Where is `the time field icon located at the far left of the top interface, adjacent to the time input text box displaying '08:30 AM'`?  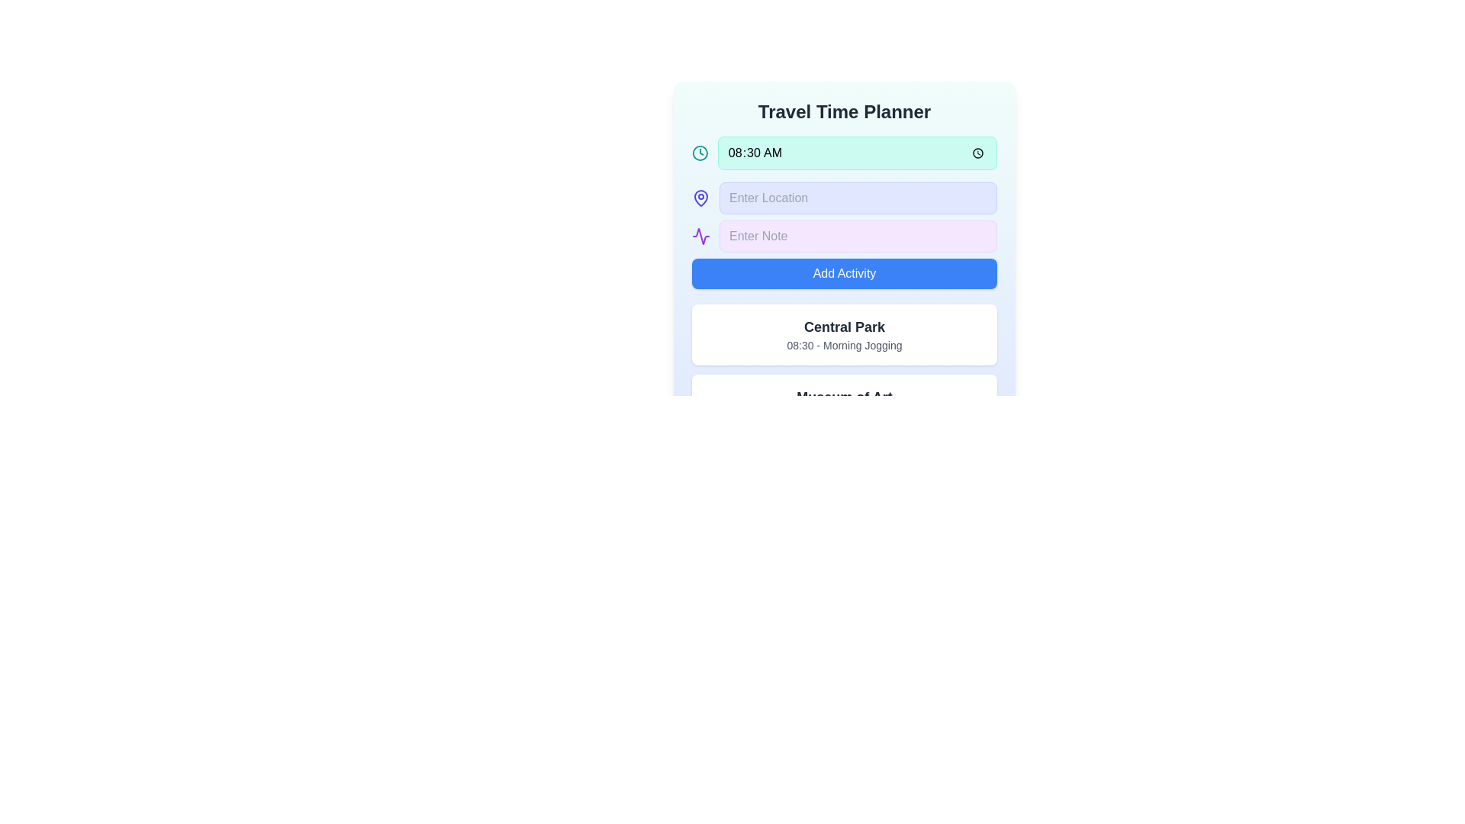 the time field icon located at the far left of the top interface, adjacent to the time input text box displaying '08:30 AM' is located at coordinates (699, 153).